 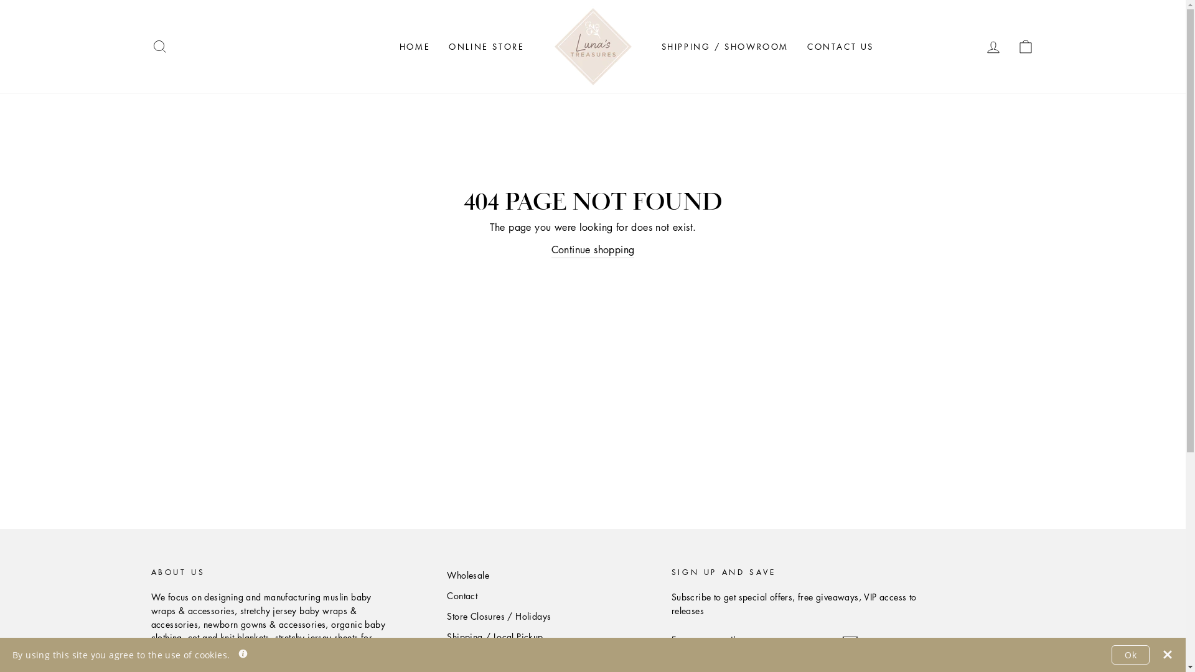 What do you see at coordinates (415, 45) in the screenshot?
I see `'HOME'` at bounding box center [415, 45].